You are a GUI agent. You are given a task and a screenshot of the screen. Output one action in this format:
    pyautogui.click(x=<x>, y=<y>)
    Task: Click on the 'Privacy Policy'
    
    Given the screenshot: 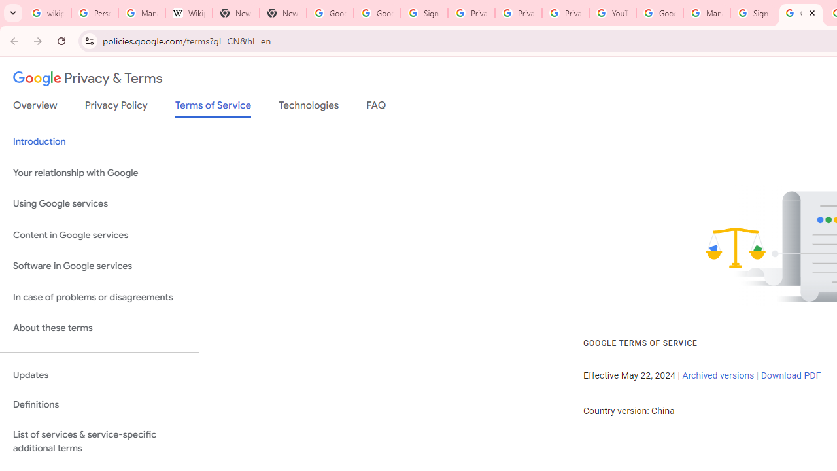 What is the action you would take?
    pyautogui.click(x=116, y=107)
    